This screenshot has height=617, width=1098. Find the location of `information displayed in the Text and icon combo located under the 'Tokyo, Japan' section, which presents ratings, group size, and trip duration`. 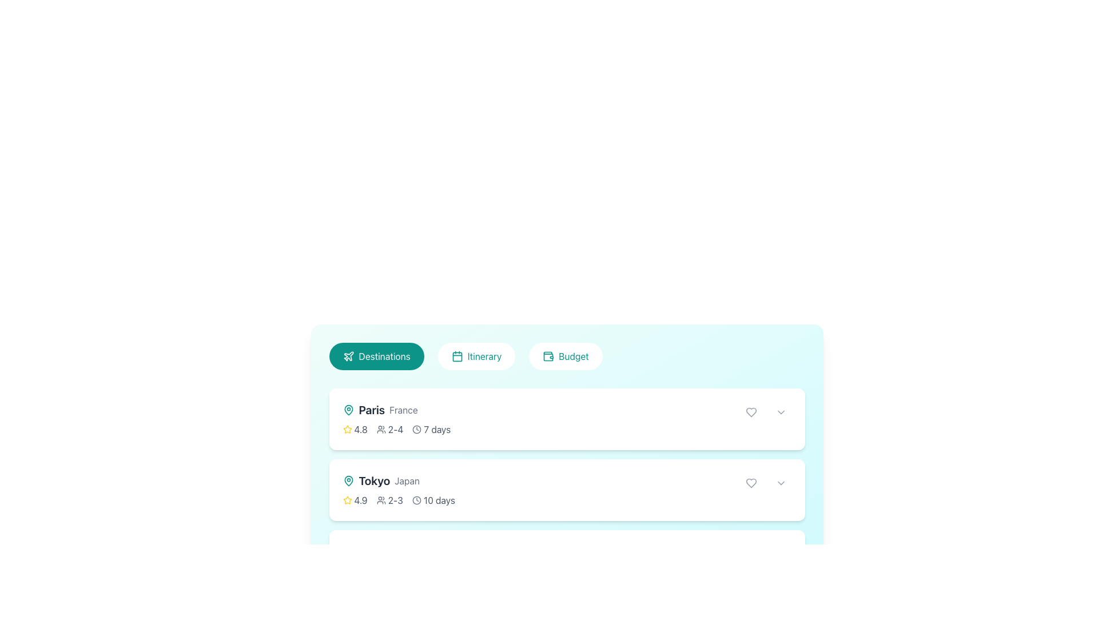

information displayed in the Text and icon combo located under the 'Tokyo, Japan' section, which presents ratings, group size, and trip duration is located at coordinates (399, 499).